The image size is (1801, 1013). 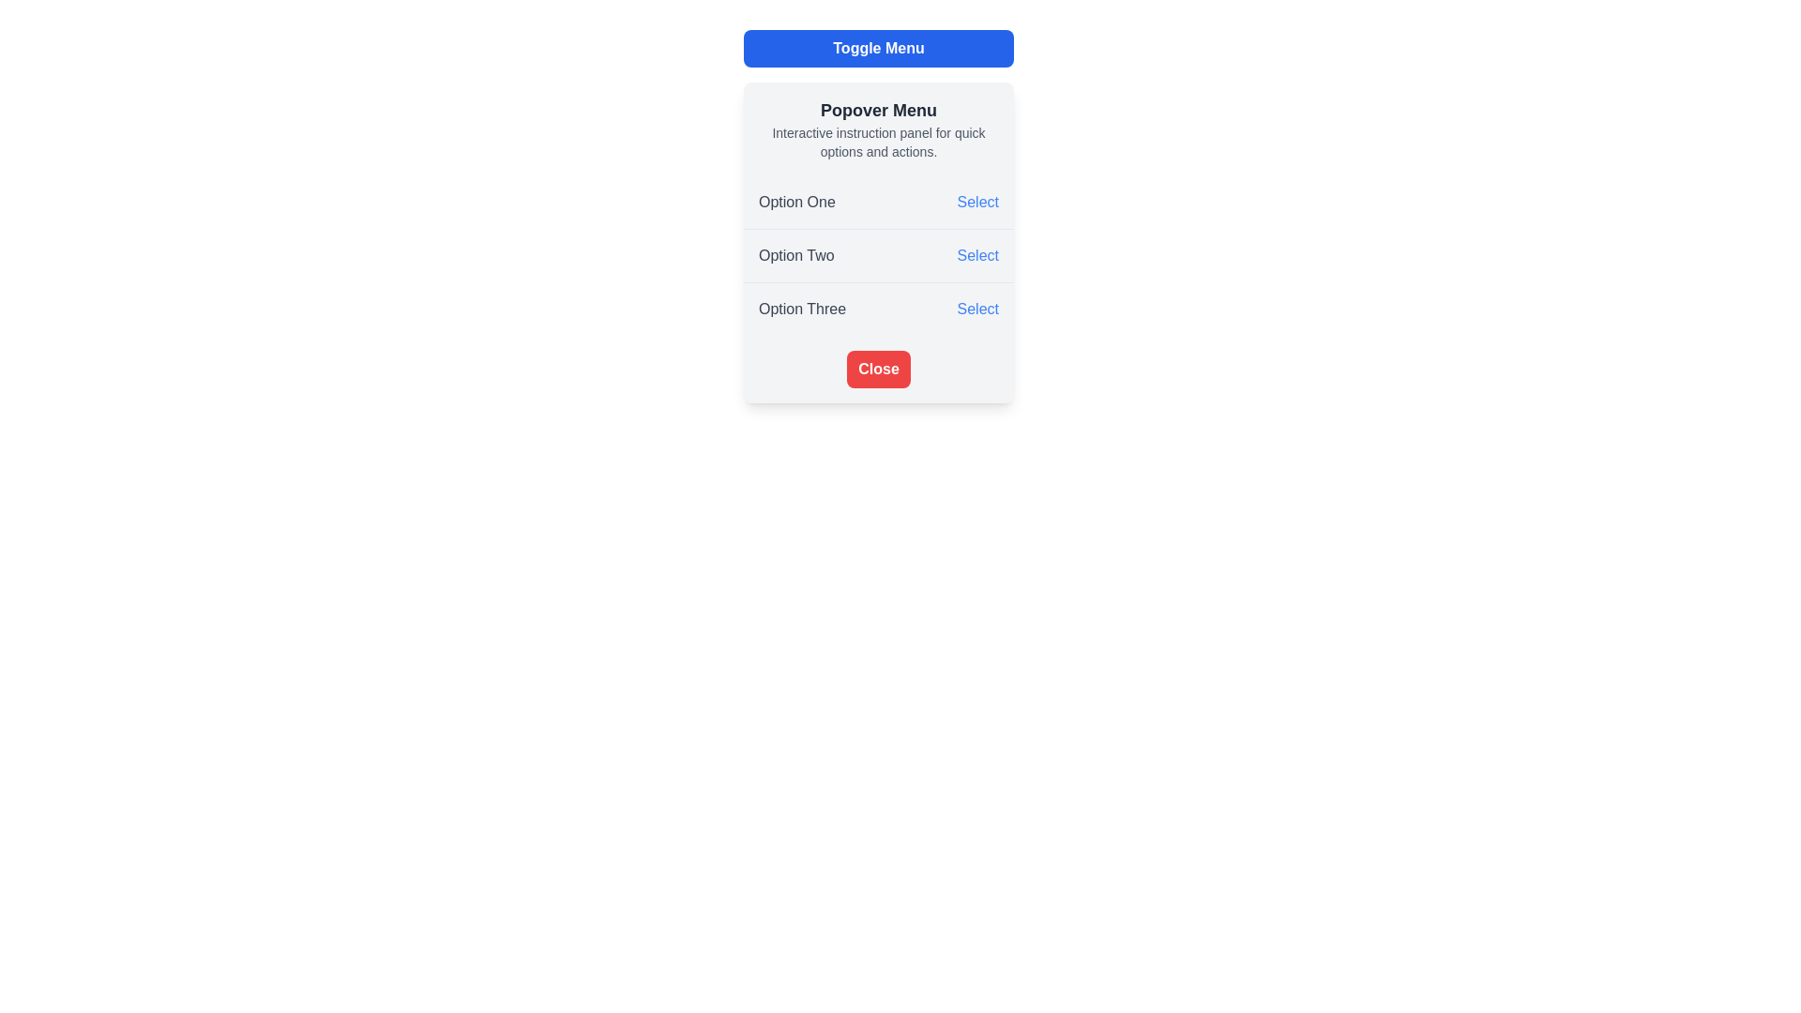 I want to click on the 'Select' link associated with 'Option Two' in the 'Popover Menu' dropdown, so click(x=877, y=241).